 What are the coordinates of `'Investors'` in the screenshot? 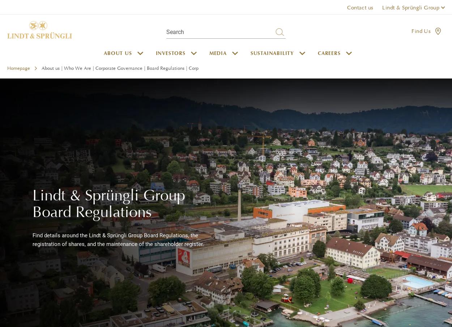 It's located at (155, 52).